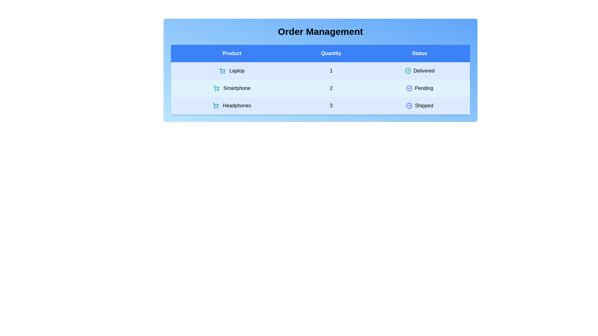 Image resolution: width=598 pixels, height=336 pixels. Describe the element at coordinates (320, 70) in the screenshot. I see `the row corresponding to Laptop to highlight it` at that location.